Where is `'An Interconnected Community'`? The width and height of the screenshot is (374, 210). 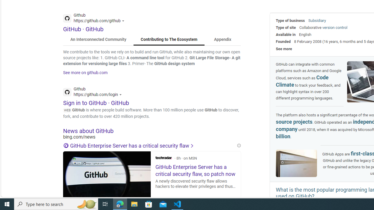
'An Interconnected Community' is located at coordinates (98, 39).